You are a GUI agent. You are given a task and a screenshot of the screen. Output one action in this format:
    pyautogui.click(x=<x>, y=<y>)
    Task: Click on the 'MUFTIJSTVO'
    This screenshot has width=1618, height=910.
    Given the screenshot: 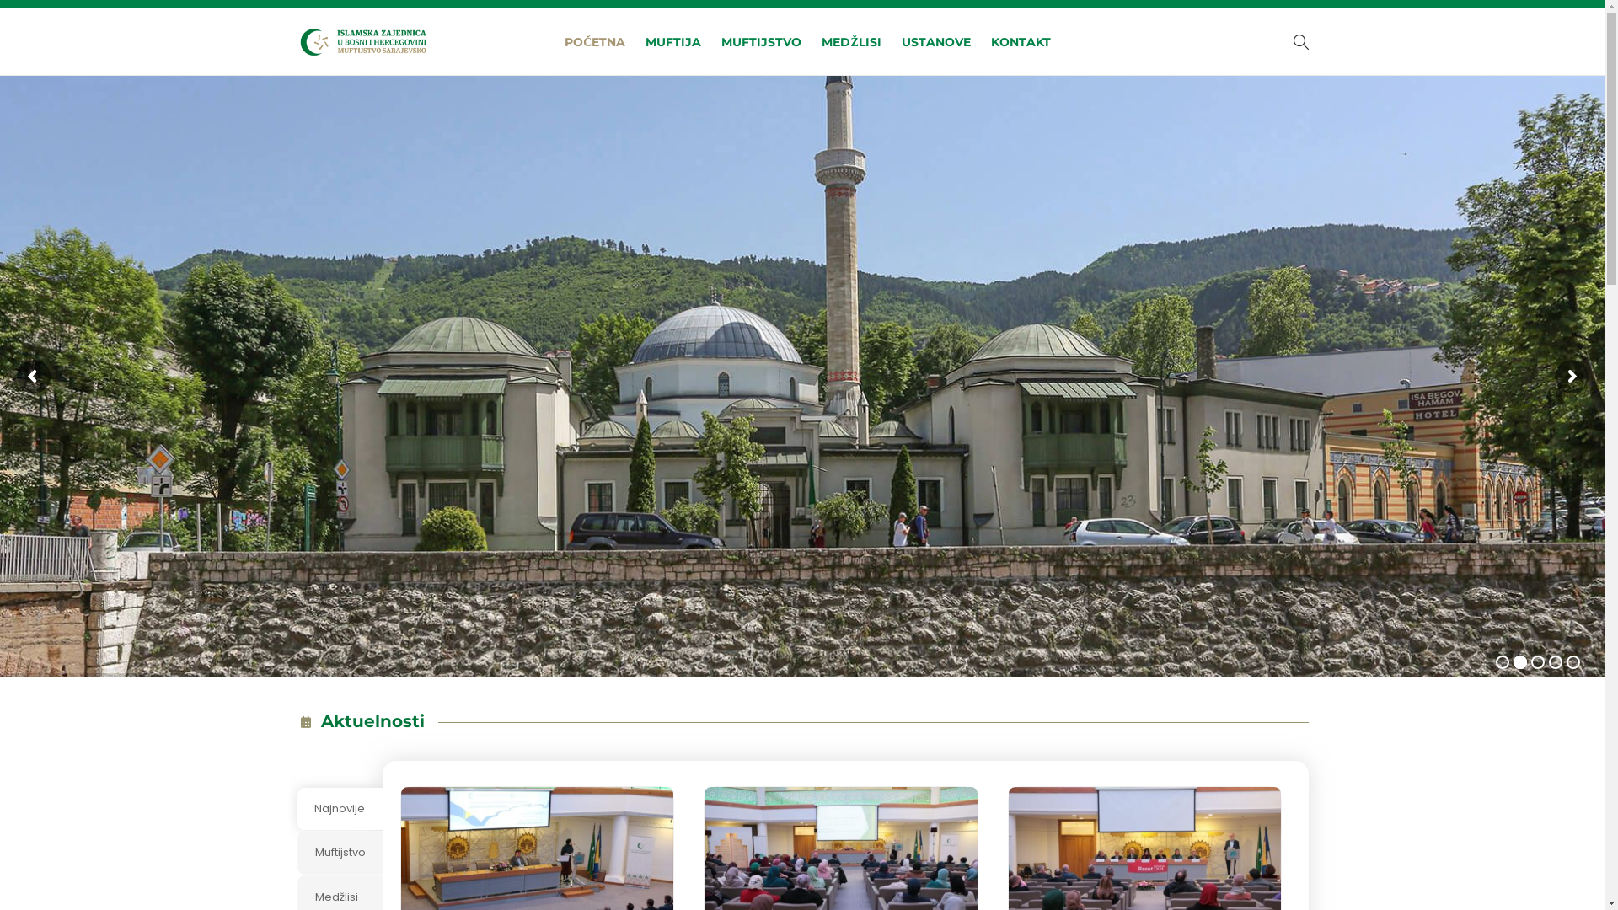 What is the action you would take?
    pyautogui.click(x=721, y=41)
    